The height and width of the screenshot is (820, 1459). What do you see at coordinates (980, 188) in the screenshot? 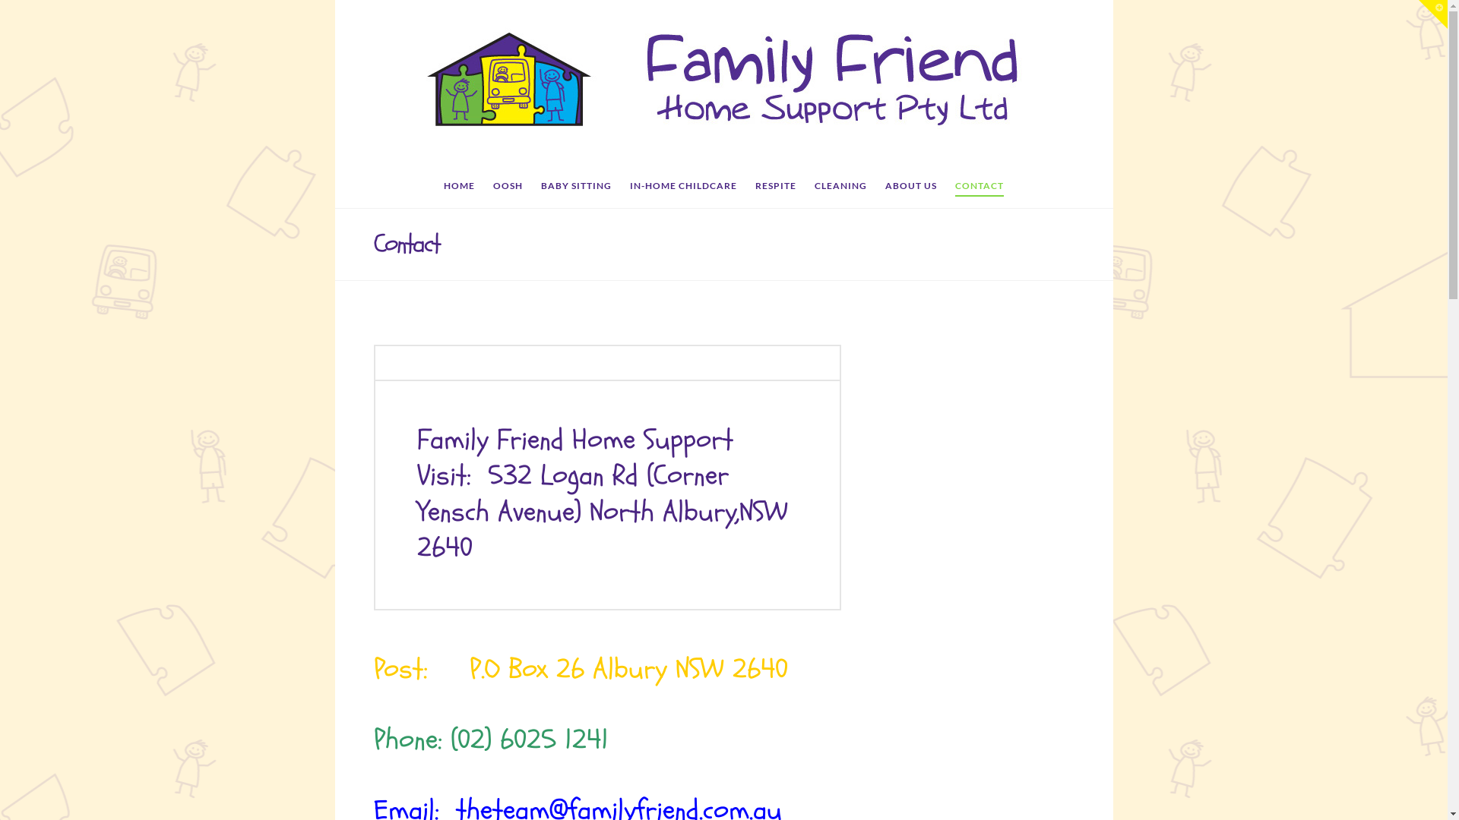
I see `'CONTACT'` at bounding box center [980, 188].